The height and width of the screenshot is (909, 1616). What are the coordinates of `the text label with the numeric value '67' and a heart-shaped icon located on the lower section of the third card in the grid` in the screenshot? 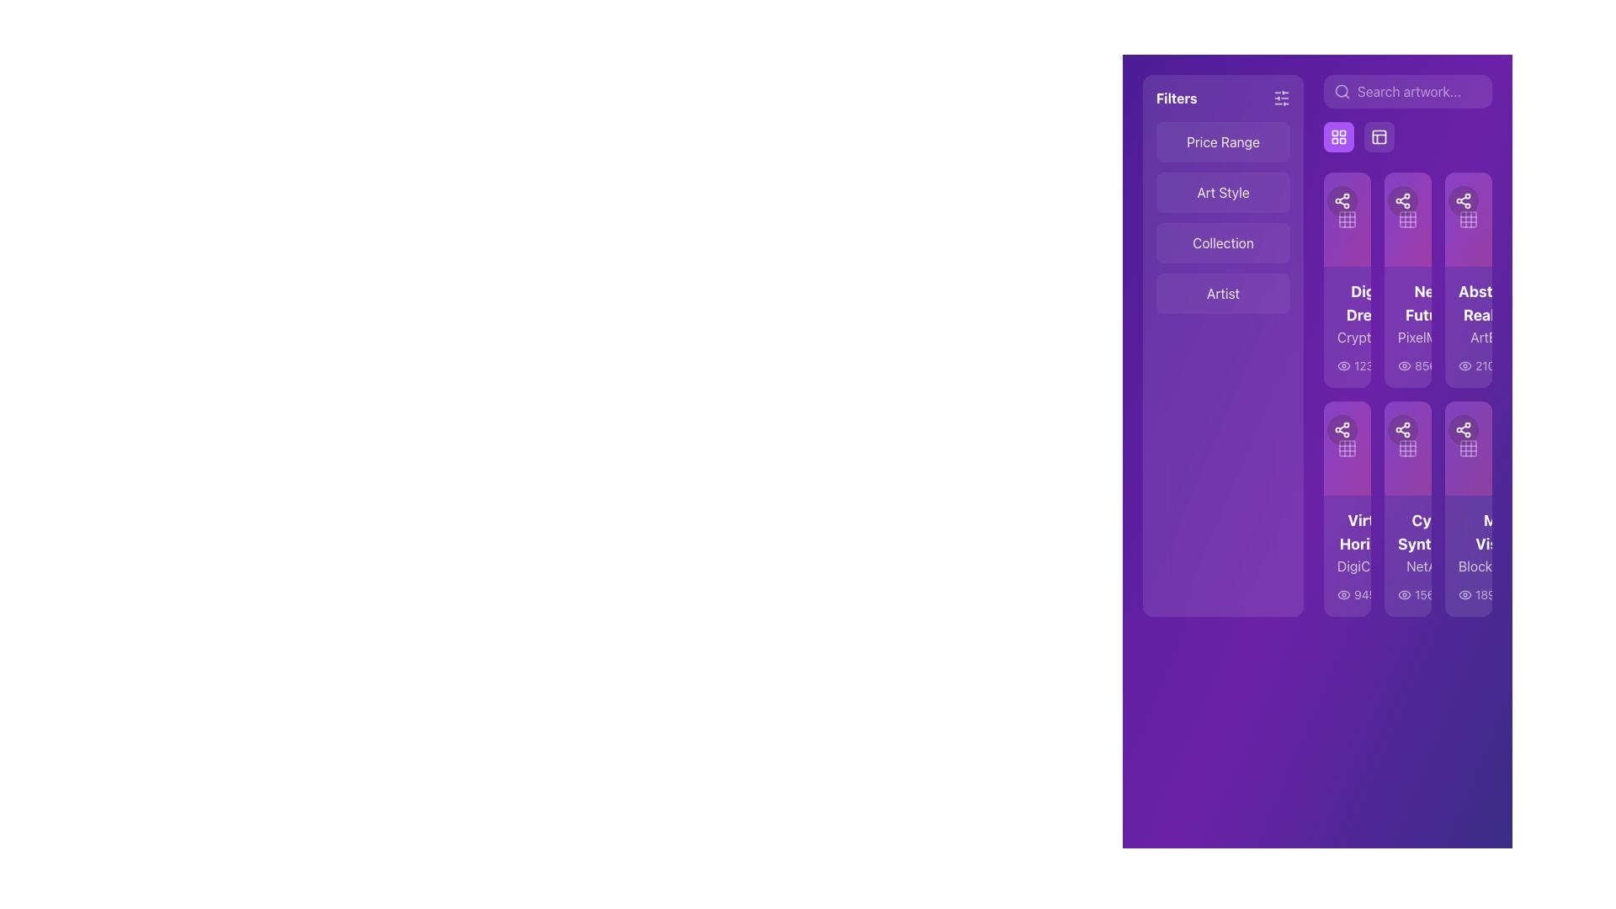 It's located at (1451, 365).